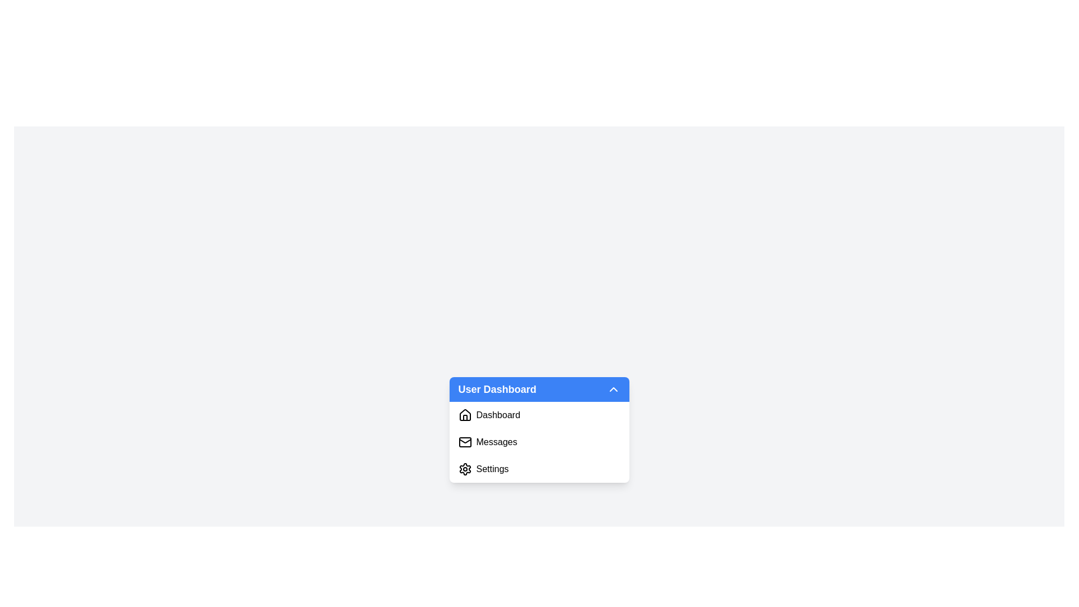  I want to click on the small rectangle with rounded corners that forms the main body of the envelope depiction in the message icon, which is part of the dropdown menu titled 'User Dashboard', so click(465, 441).